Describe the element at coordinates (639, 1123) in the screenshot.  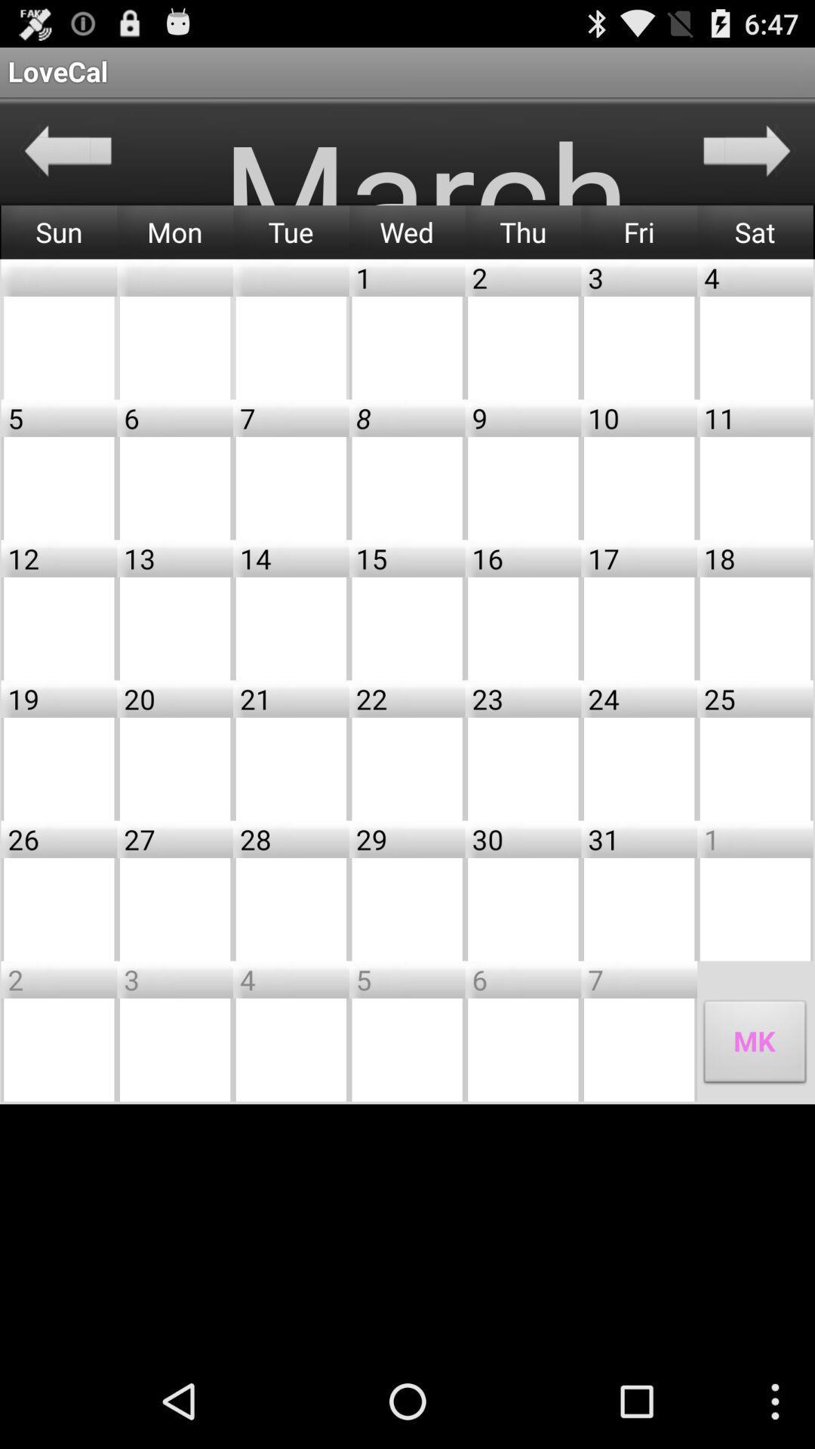
I see `the minus icon` at that location.